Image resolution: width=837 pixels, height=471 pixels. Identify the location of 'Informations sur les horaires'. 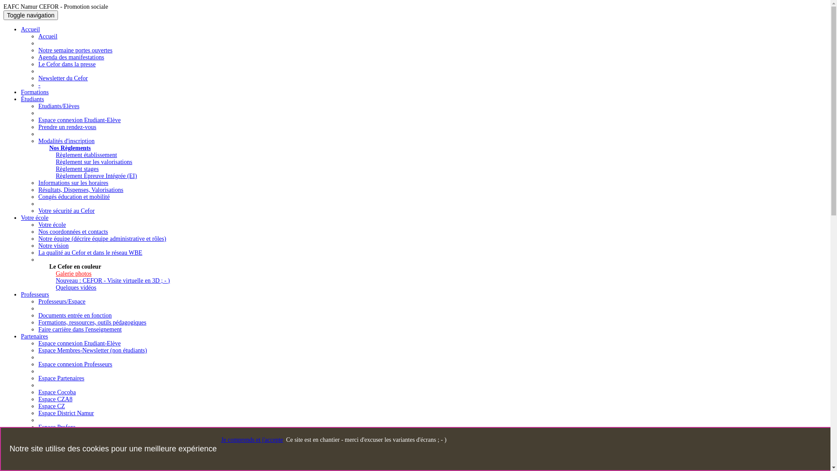
(73, 182).